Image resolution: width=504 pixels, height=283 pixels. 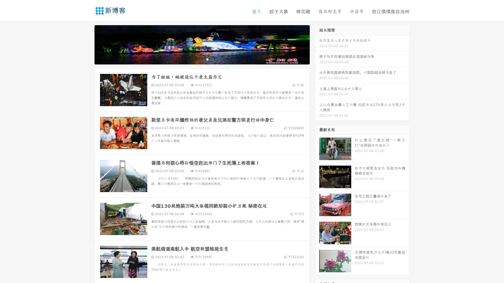 What do you see at coordinates (87, 44) in the screenshot?
I see `Previous slide` at bounding box center [87, 44].